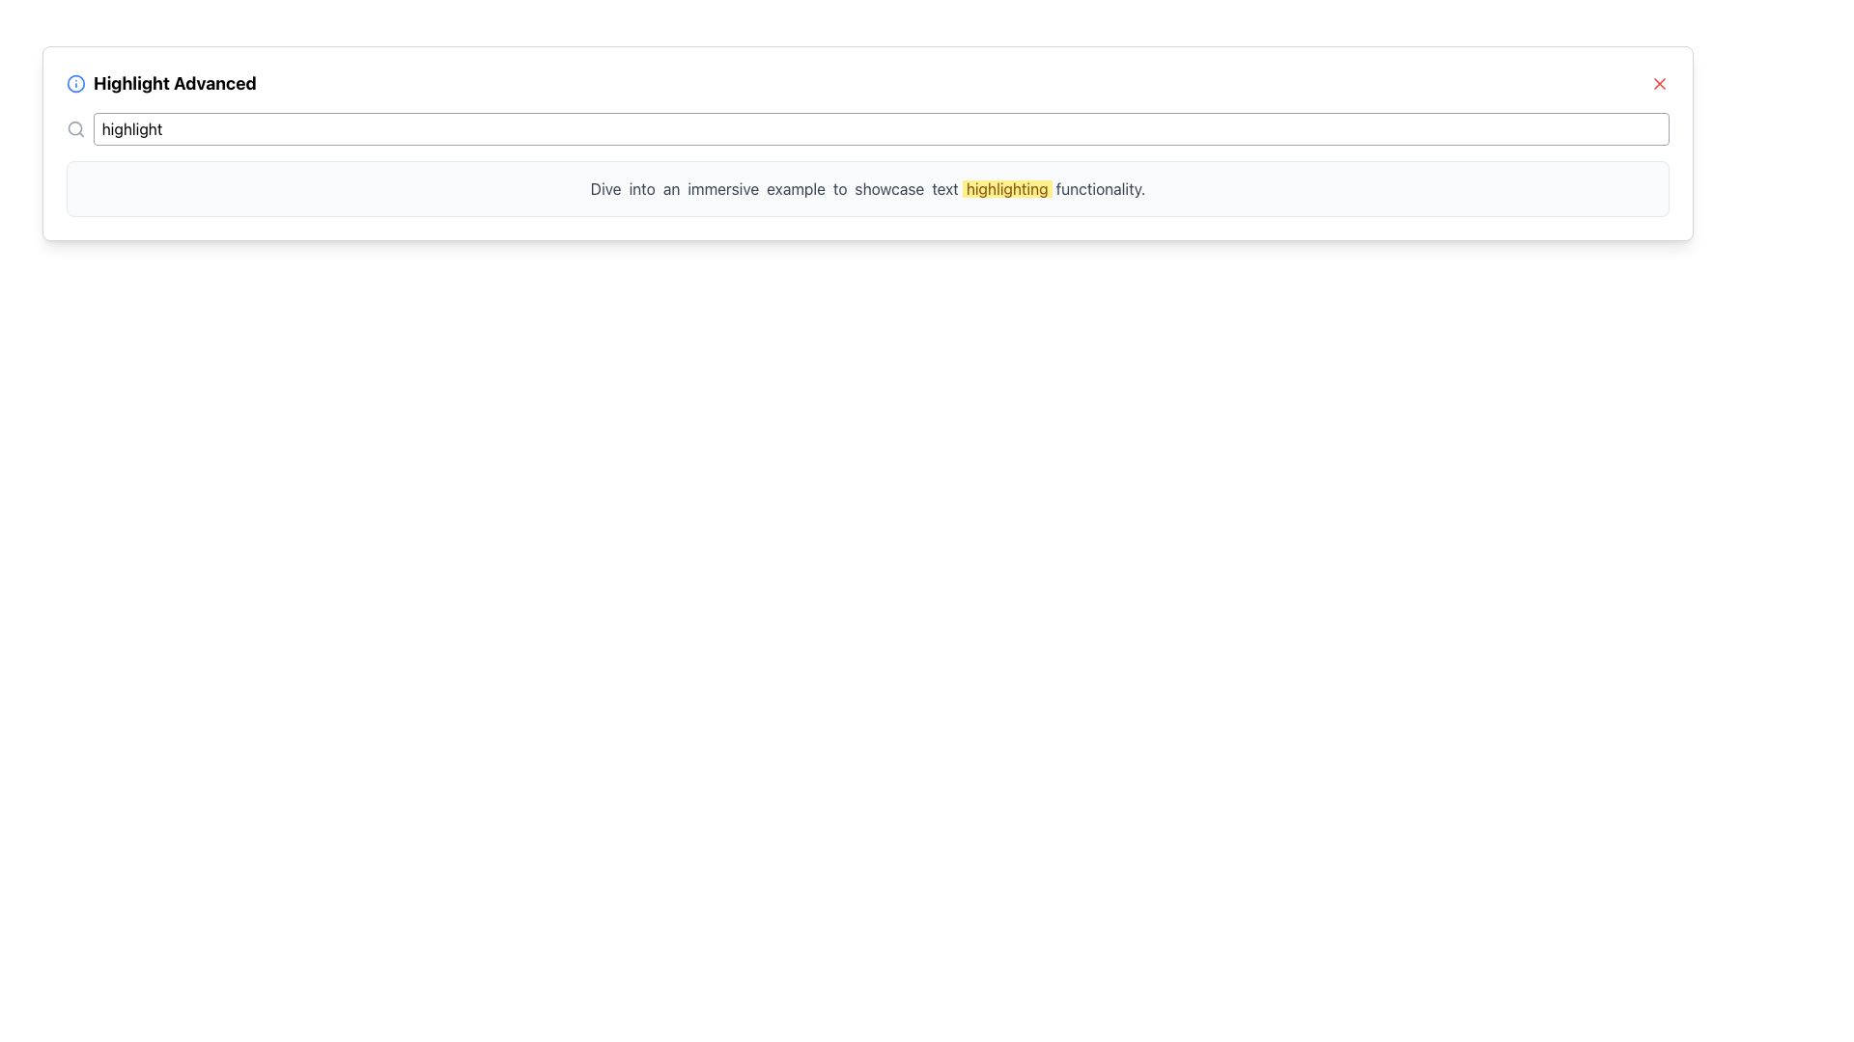 The width and height of the screenshot is (1854, 1042). What do you see at coordinates (671, 189) in the screenshot?
I see `static text element displaying the word 'an', which is styled in gray and part of a larger sentence within a bordered box` at bounding box center [671, 189].